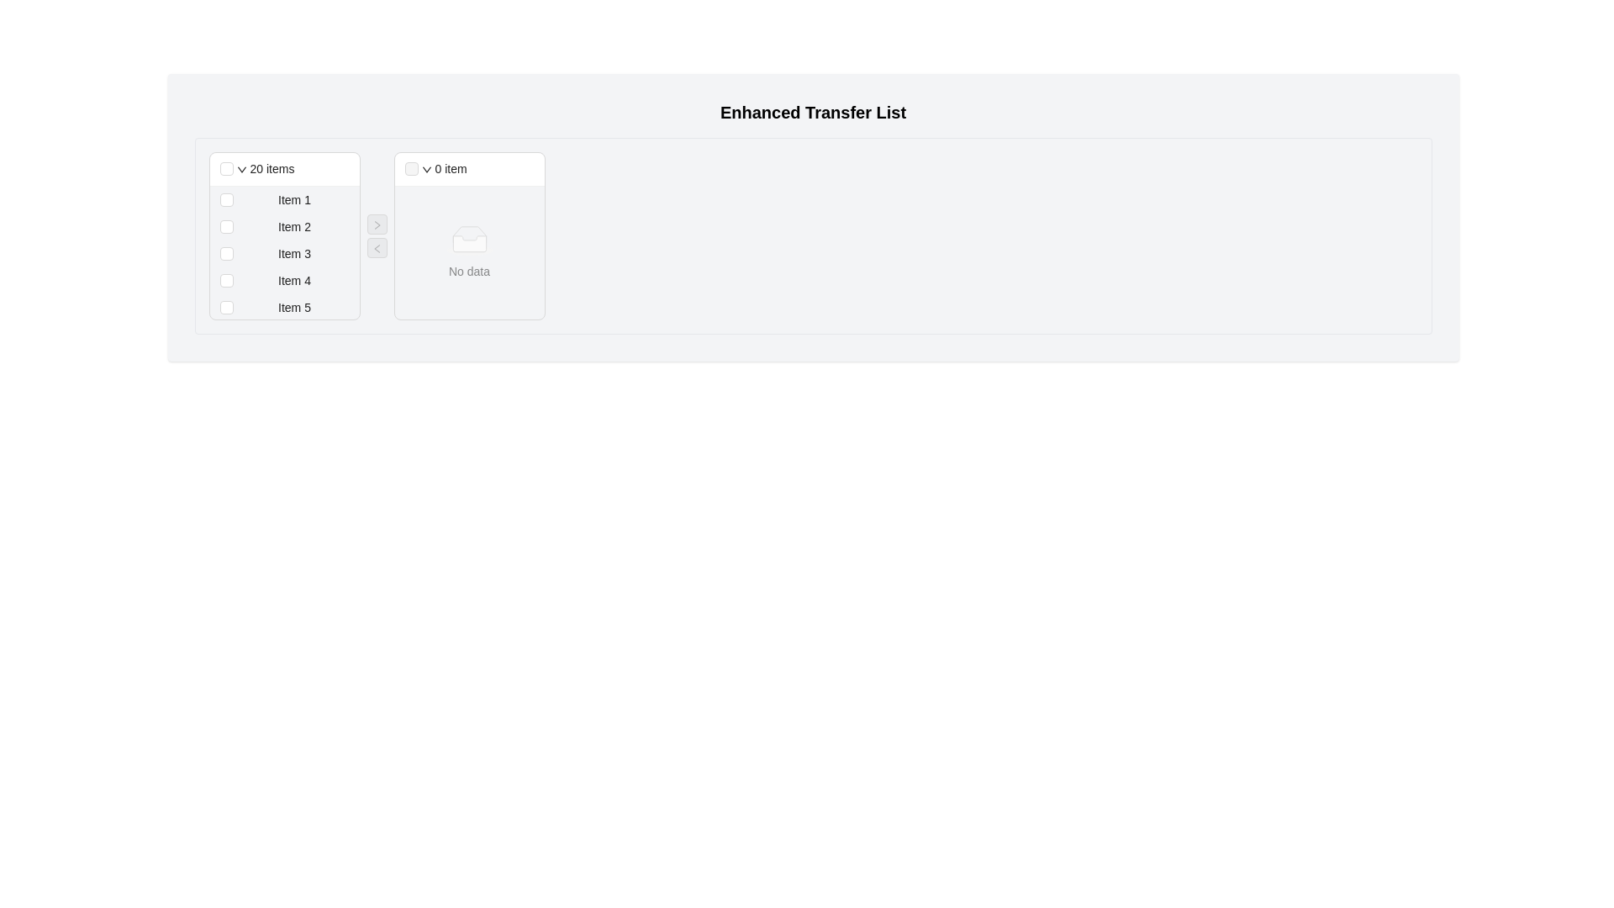 This screenshot has height=908, width=1614. What do you see at coordinates (294, 308) in the screenshot?
I see `text content of the text label displaying 'Item 5', which is horizontally centered and positioned to the right of the corresponding checkbox in the fifth list item of the transfer list` at bounding box center [294, 308].